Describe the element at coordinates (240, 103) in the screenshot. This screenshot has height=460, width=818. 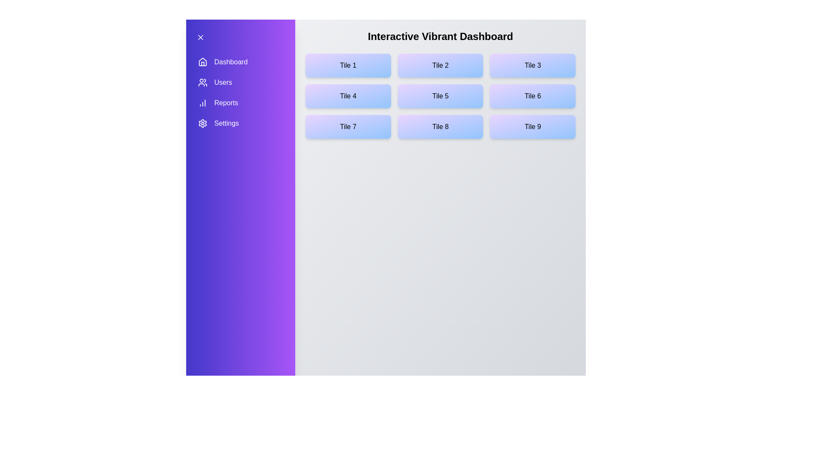
I see `the menu item Reports in the sidebar` at that location.